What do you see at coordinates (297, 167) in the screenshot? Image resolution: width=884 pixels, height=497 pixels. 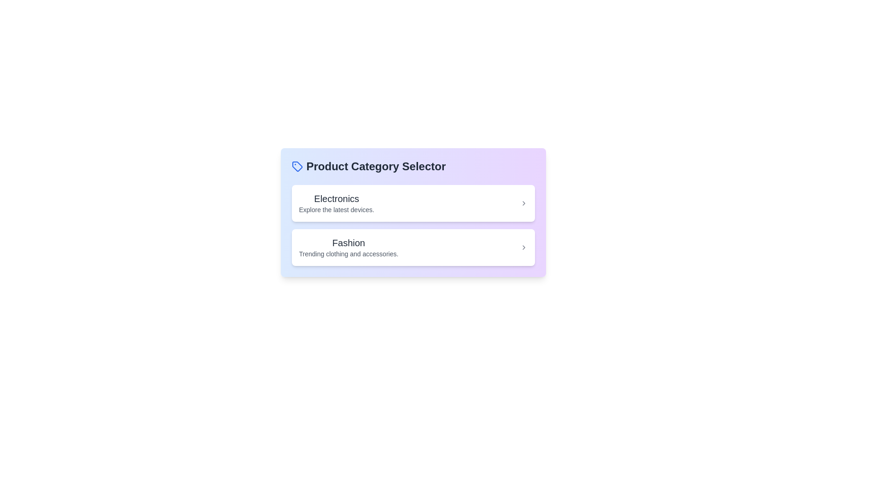 I see `the blue tag-shaped icon located to the left of the 'Product Category Selector' title in the header section` at bounding box center [297, 167].